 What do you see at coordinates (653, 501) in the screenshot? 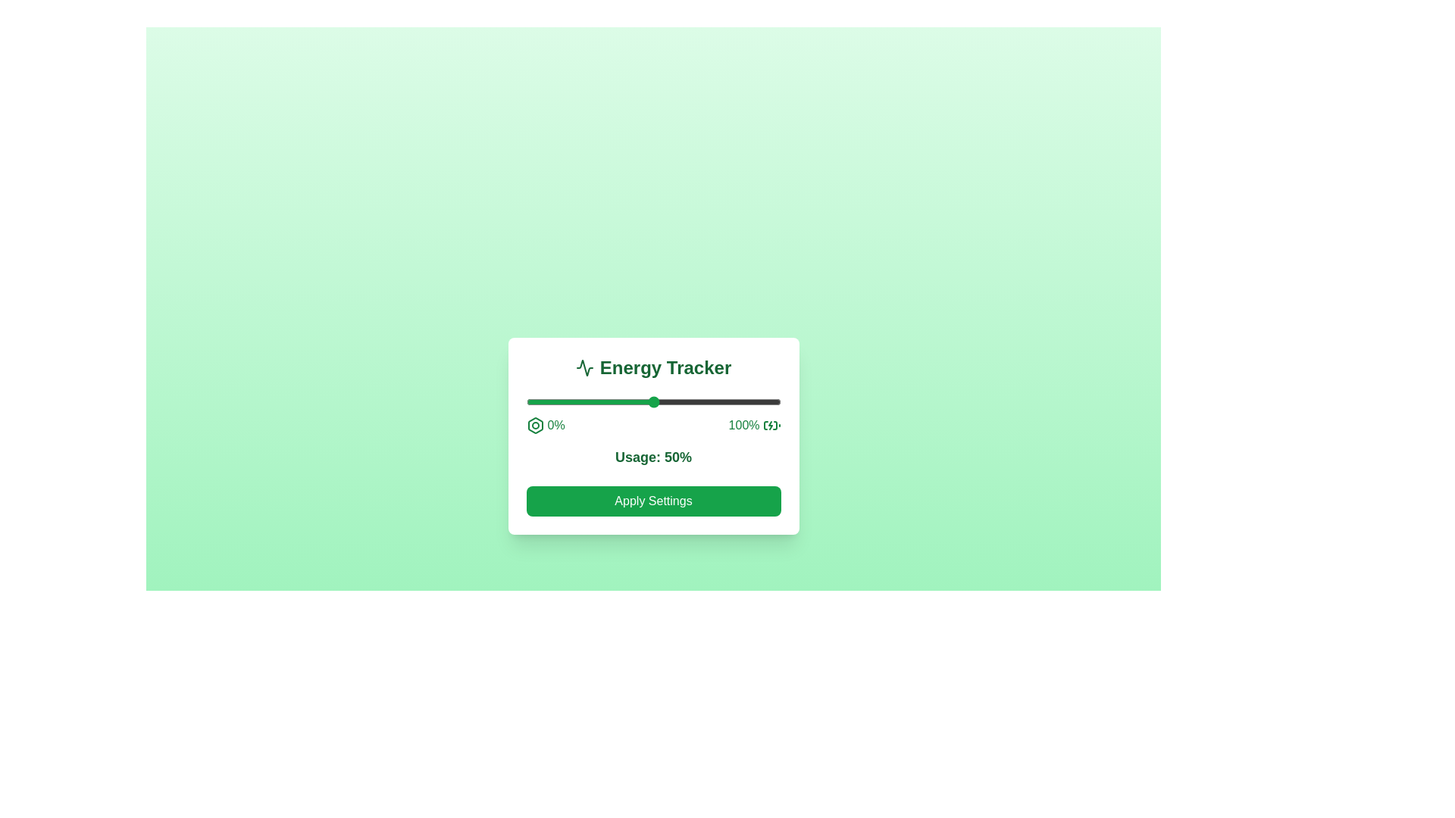
I see `the 'Apply Settings' button to confirm the current energy usage` at bounding box center [653, 501].